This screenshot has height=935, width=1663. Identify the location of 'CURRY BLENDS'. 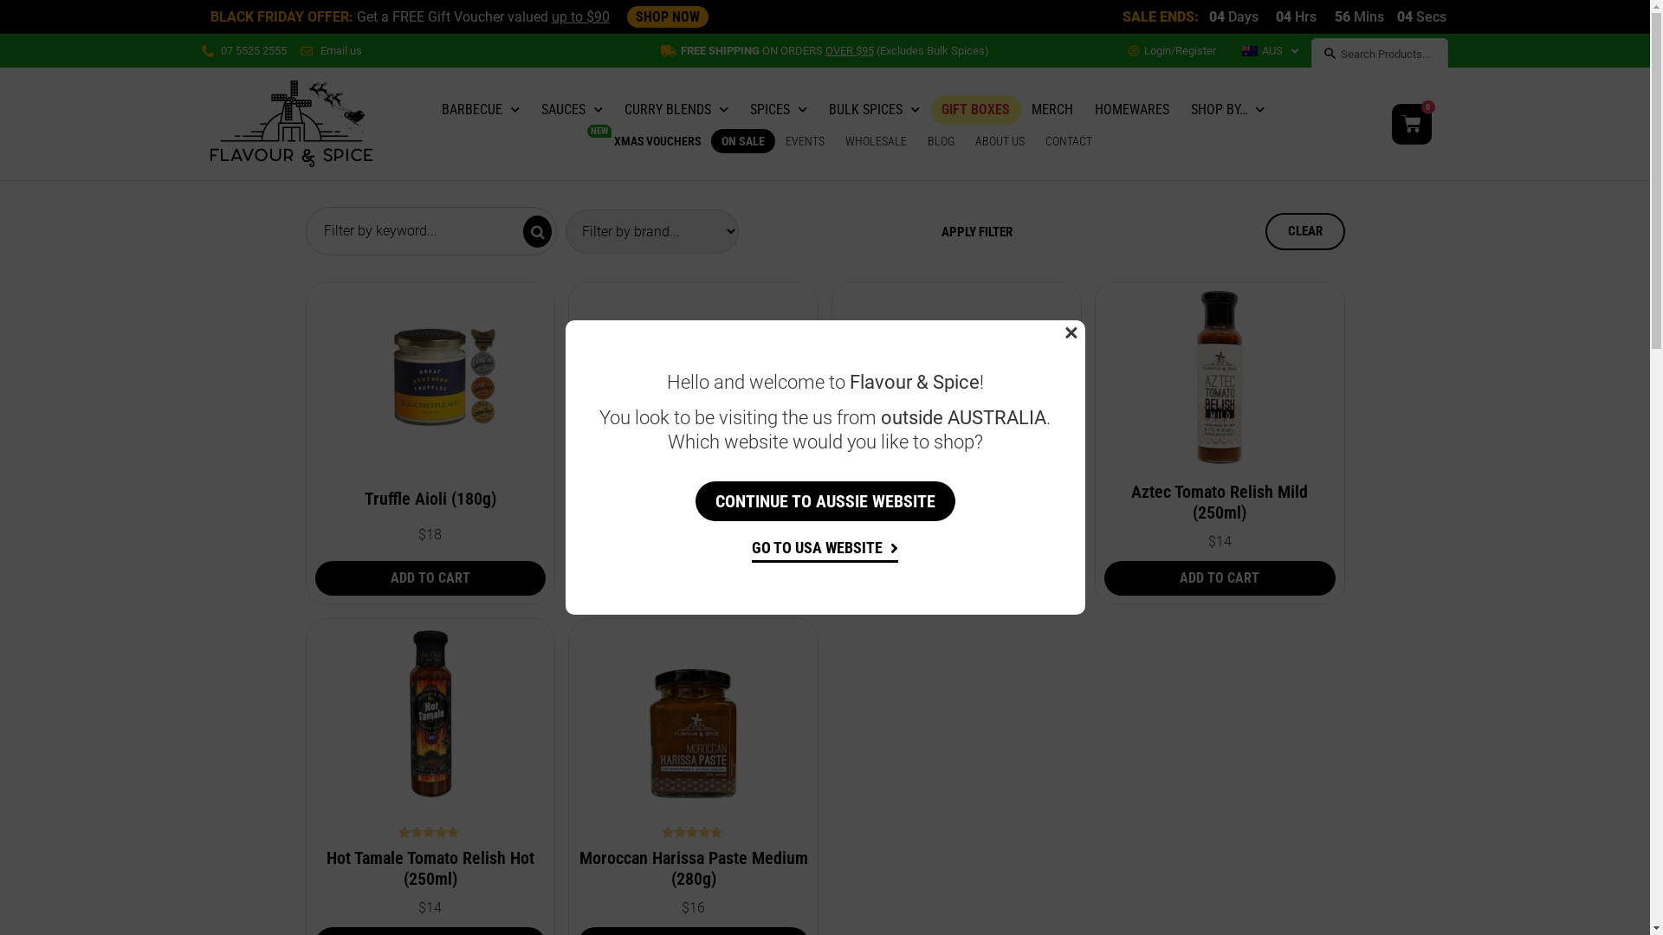
(676, 110).